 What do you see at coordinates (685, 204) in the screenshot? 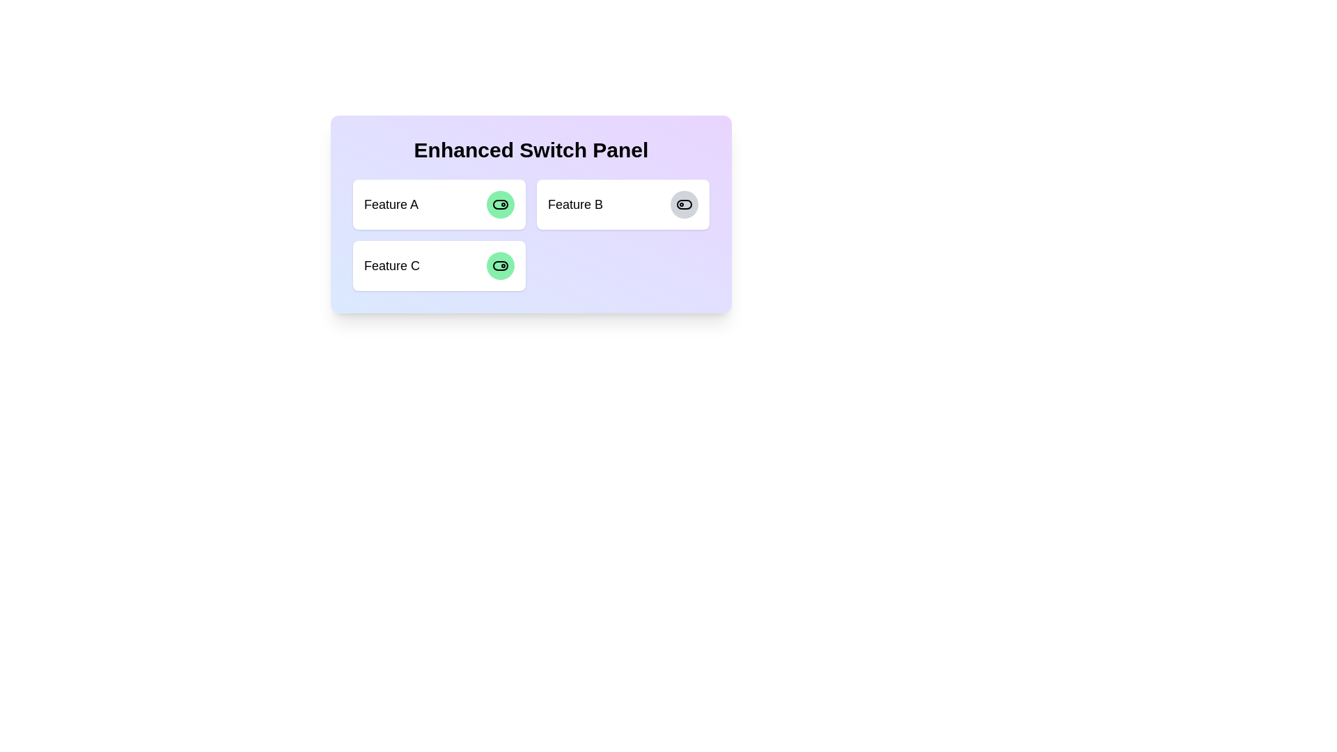
I see `the switch corresponding to Feature B` at bounding box center [685, 204].